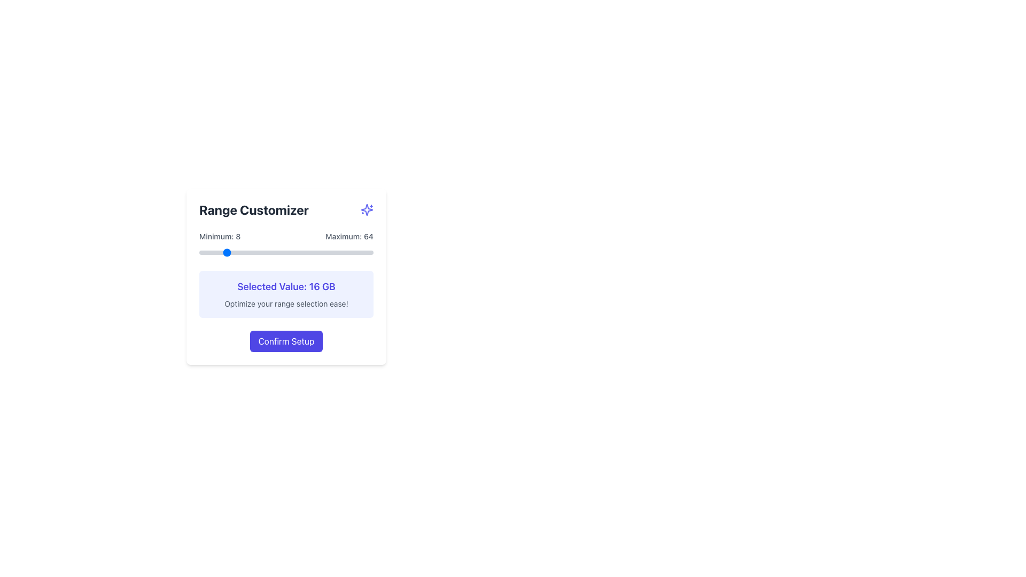 This screenshot has height=577, width=1026. Describe the element at coordinates (286, 294) in the screenshot. I see `the informational card with a light indigo background that displays 'Selected Value: 16 GB' and a caption 'Optimize your range selection ease!', located within the 'Range Customizer' section` at that location.